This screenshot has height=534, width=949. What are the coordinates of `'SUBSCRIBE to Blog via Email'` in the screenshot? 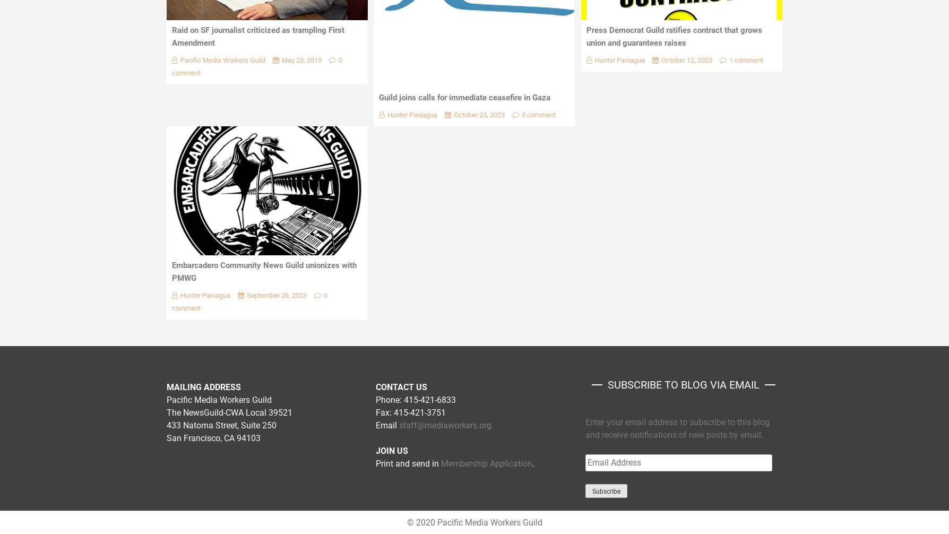 It's located at (683, 385).